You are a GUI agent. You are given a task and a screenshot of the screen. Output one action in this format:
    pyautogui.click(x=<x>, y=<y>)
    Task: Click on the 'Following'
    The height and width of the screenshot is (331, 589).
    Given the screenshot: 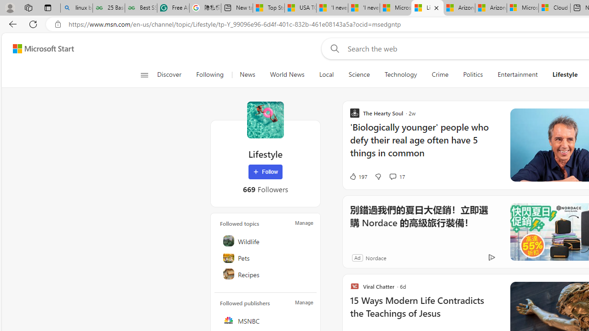 What is the action you would take?
    pyautogui.click(x=209, y=74)
    